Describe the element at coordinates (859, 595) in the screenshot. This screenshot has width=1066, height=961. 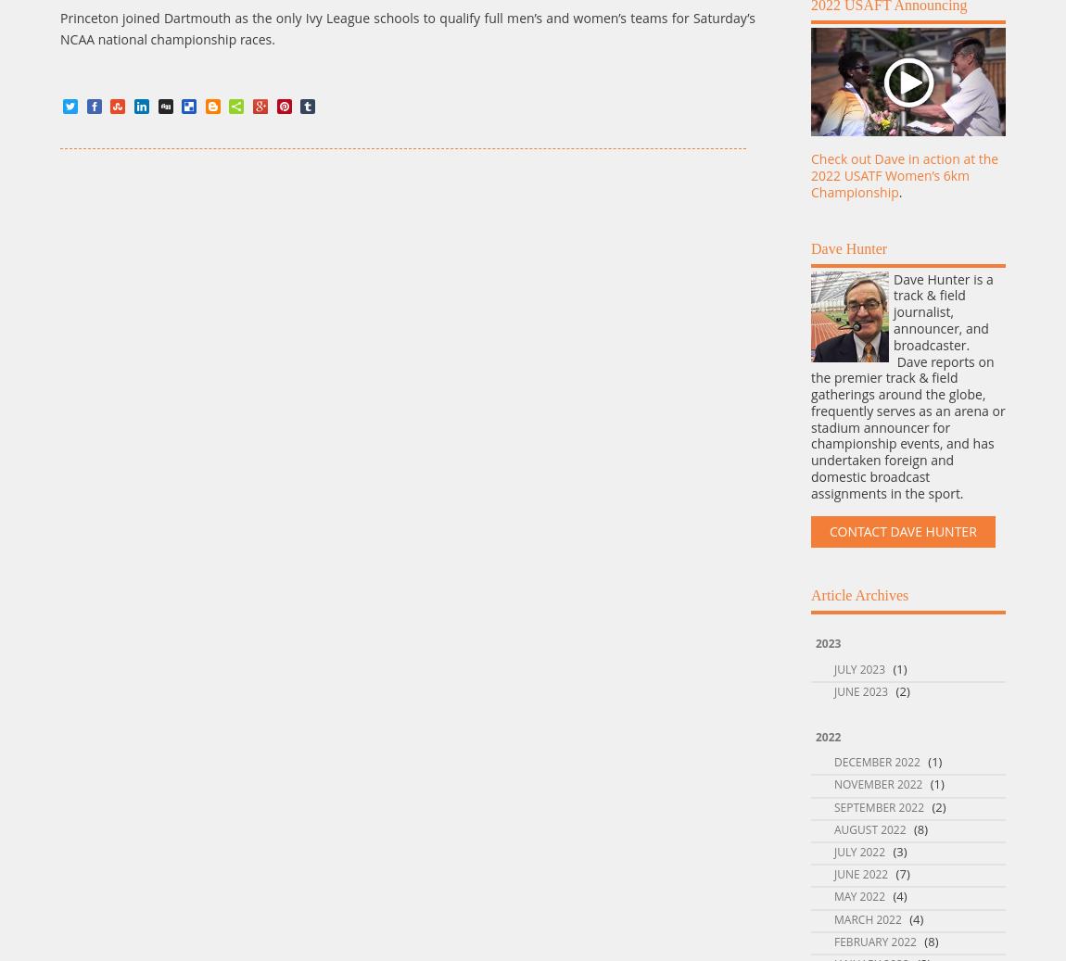
I see `'Article Archives'` at that location.